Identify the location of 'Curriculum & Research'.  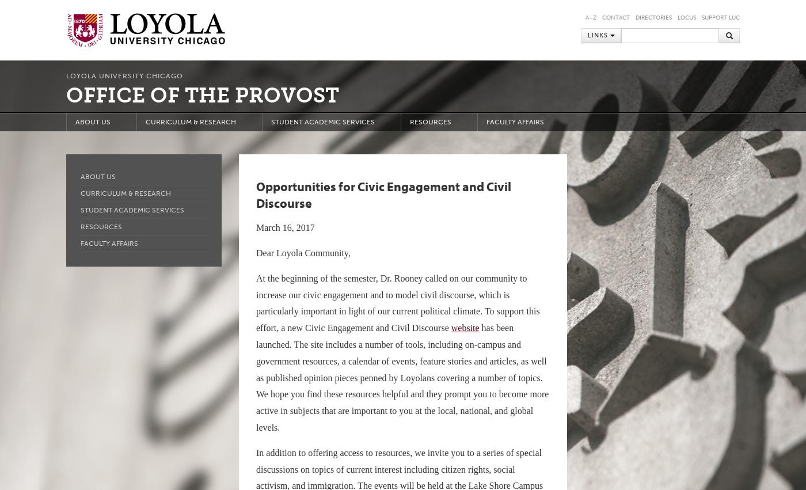
(126, 192).